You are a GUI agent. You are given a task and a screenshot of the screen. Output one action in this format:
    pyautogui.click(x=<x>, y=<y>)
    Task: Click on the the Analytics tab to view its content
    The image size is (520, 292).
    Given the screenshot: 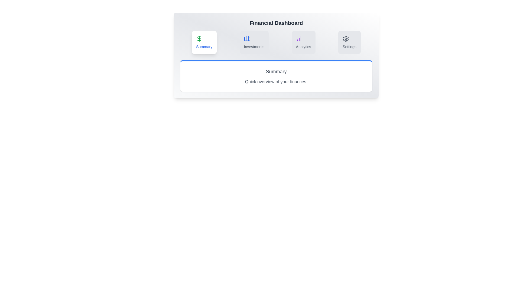 What is the action you would take?
    pyautogui.click(x=303, y=42)
    